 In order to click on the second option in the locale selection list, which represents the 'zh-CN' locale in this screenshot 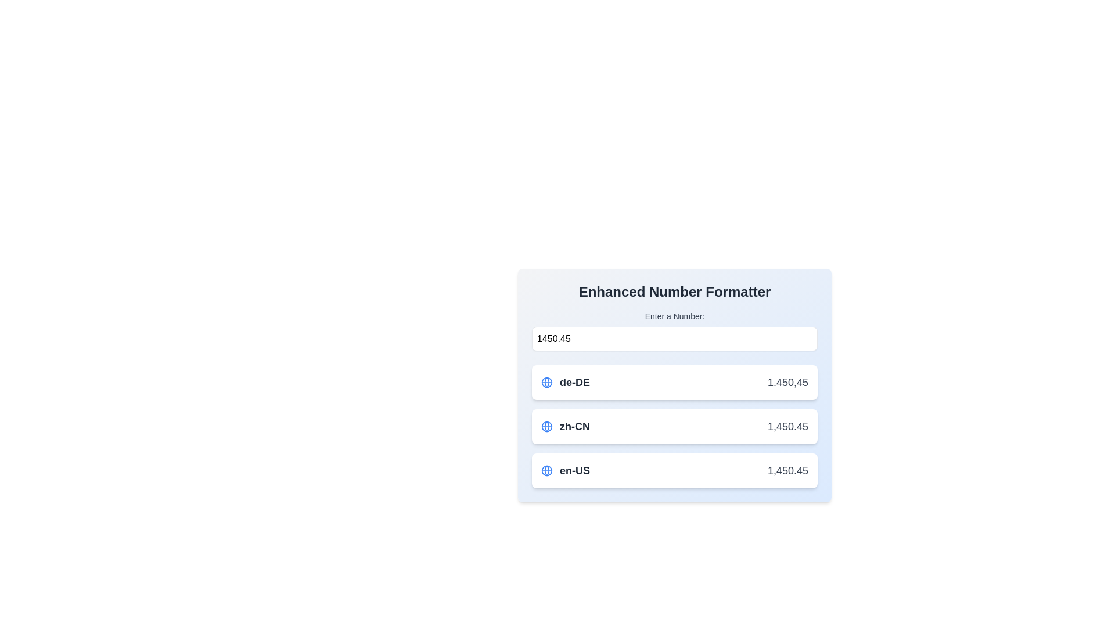, I will do `click(566, 427)`.